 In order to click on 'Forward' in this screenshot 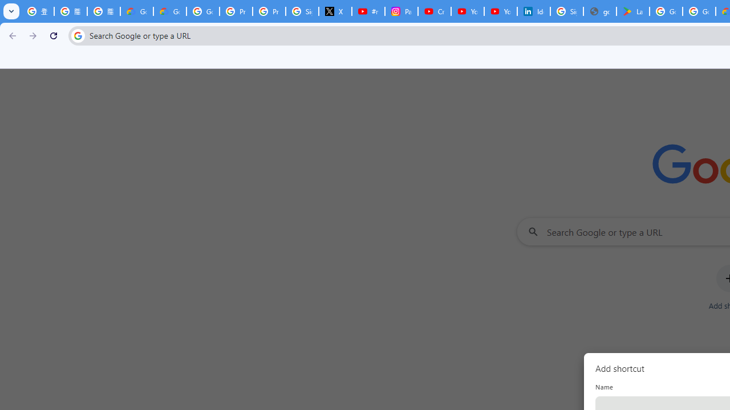, I will do `click(33, 35)`.